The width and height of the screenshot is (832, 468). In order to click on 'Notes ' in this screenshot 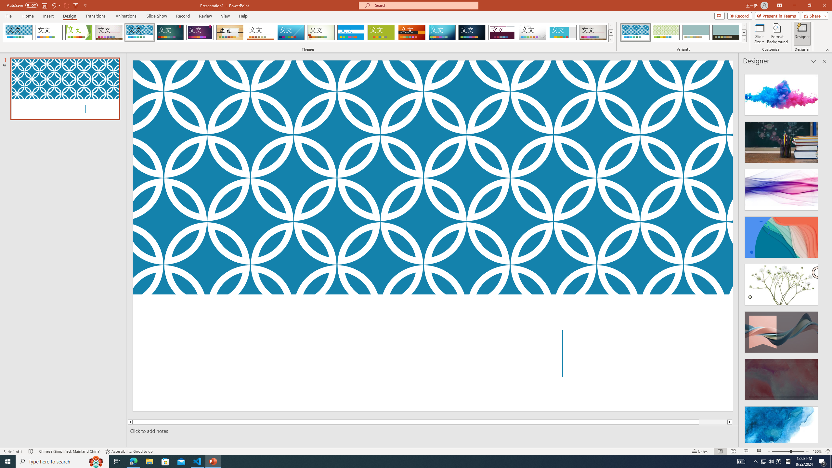, I will do `click(700, 451)`.